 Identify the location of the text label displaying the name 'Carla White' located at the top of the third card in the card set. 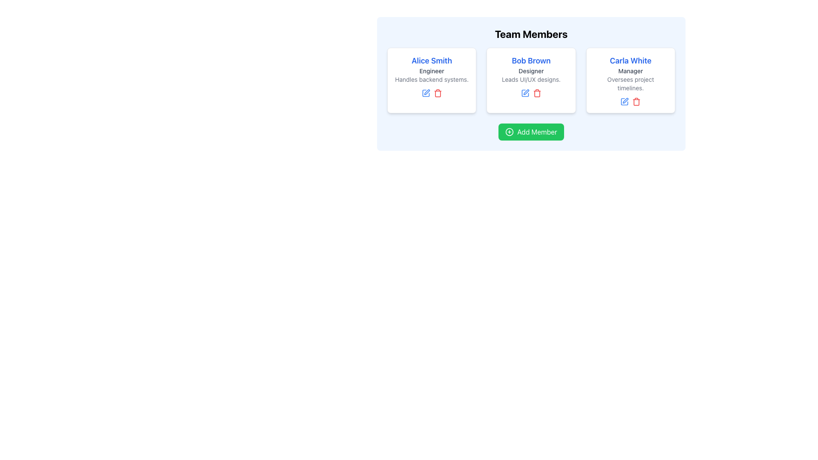
(631, 60).